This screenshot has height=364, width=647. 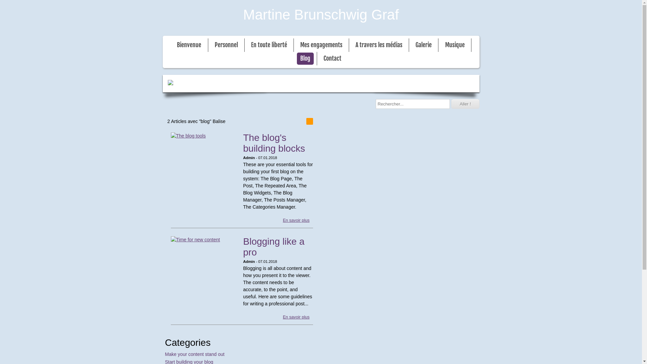 What do you see at coordinates (332, 58) in the screenshot?
I see `'Contact'` at bounding box center [332, 58].